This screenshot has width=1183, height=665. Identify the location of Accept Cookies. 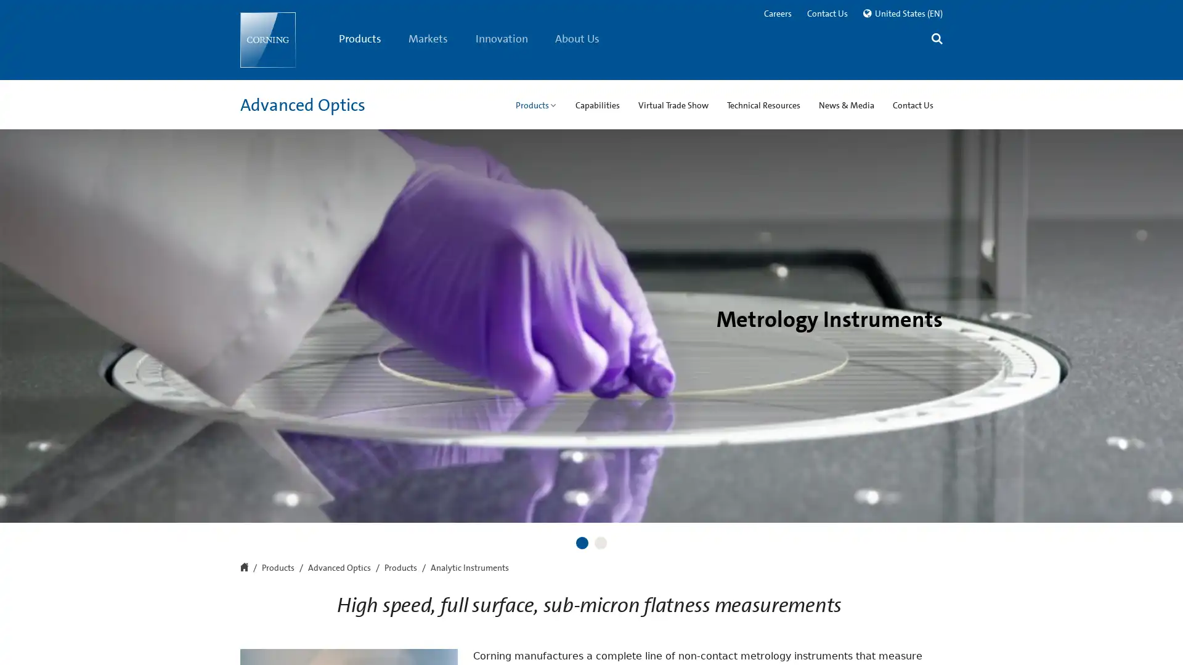
(999, 637).